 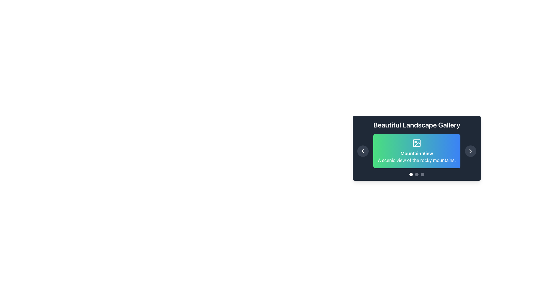 What do you see at coordinates (417, 174) in the screenshot?
I see `the pagination indicator circle located at the bottom center of the gallery interface beneath 'Mountain View'` at bounding box center [417, 174].